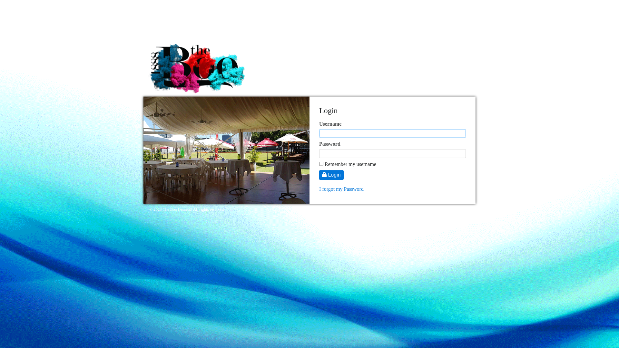  I want to click on 'I forgot my Password', so click(341, 188).